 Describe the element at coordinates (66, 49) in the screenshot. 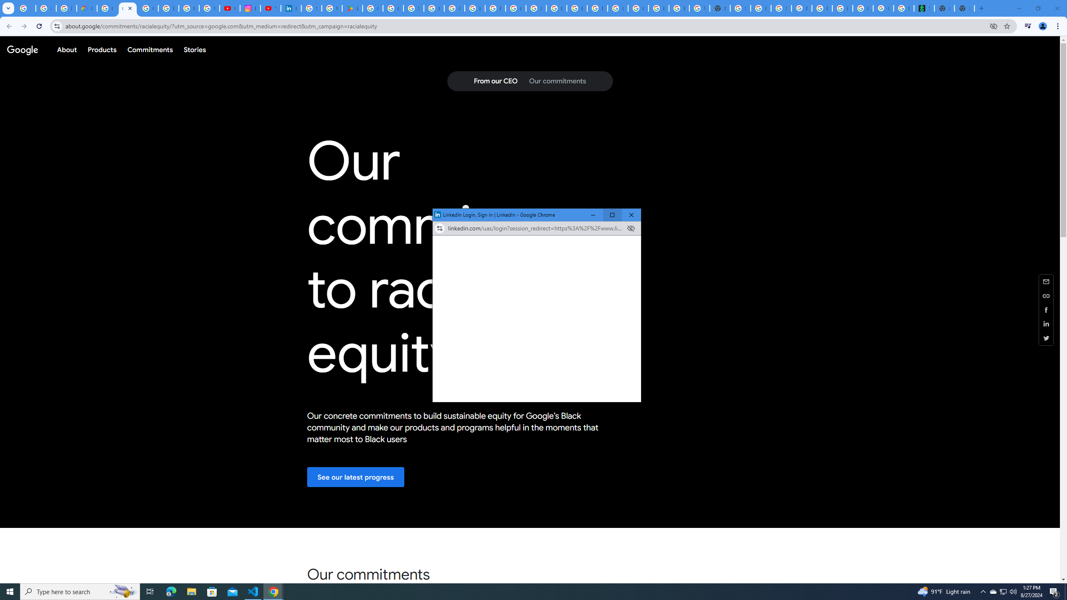

I see `'About'` at that location.